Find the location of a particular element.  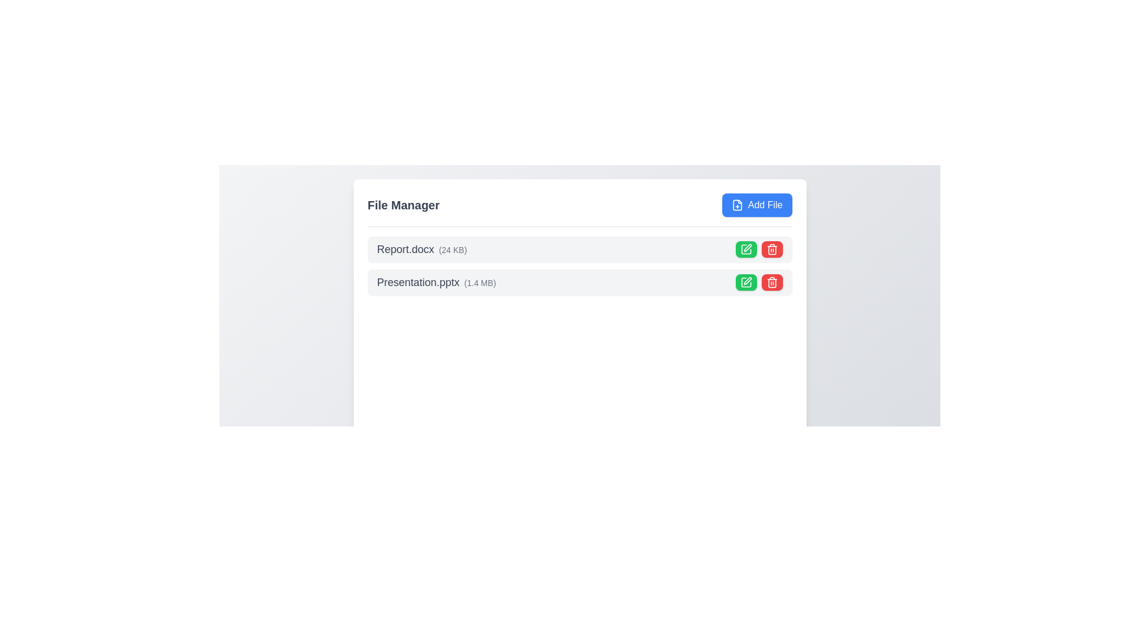

the 'File Manager' text label, which is styled in bold dark gray and positioned at the top-left of the file management interface is located at coordinates (403, 204).